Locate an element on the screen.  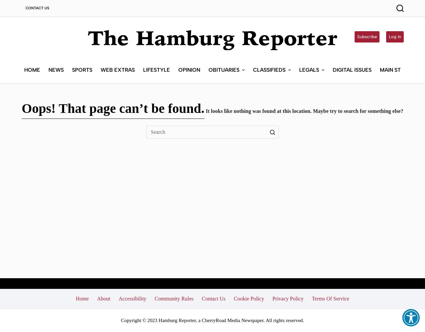
'Main St' is located at coordinates (390, 69).